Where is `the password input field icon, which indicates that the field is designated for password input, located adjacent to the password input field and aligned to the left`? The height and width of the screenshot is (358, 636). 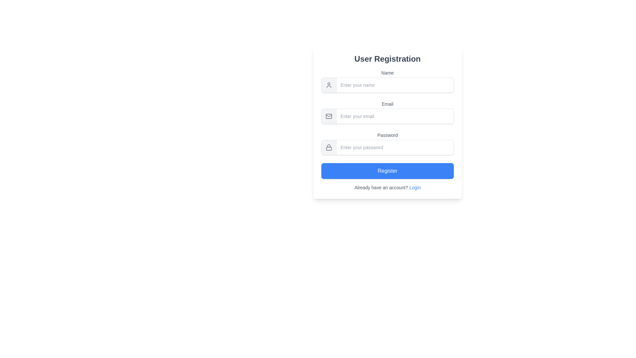 the password input field icon, which indicates that the field is designated for password input, located adjacent to the password input field and aligned to the left is located at coordinates (329, 147).